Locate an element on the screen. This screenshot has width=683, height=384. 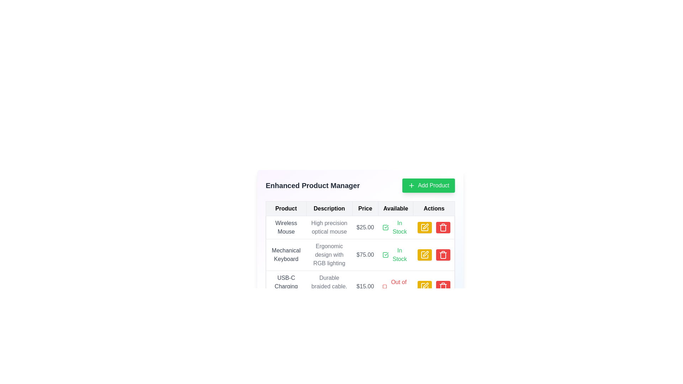
the delete button located at the end of the action buttons in the second row of the product table to observe the tooltip or highlight effect is located at coordinates (443, 255).